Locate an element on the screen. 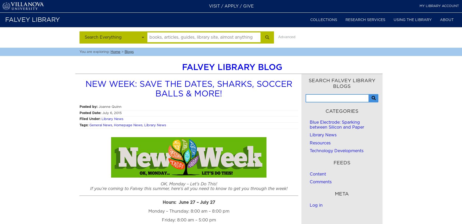 This screenshot has height=224, width=462. 'Falvey Library' is located at coordinates (32, 20).